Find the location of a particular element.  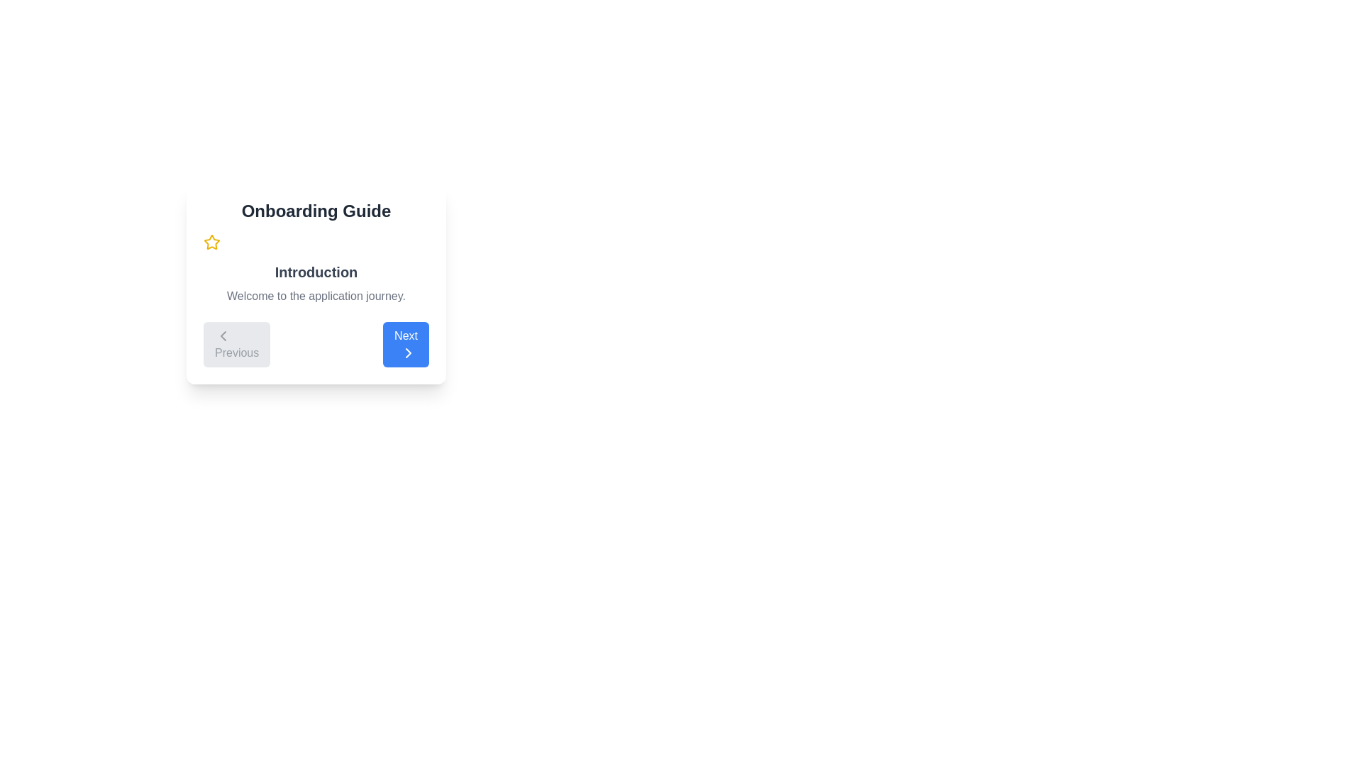

the right-pointing chevron icon on the blue 'Next' button is located at coordinates (408, 352).